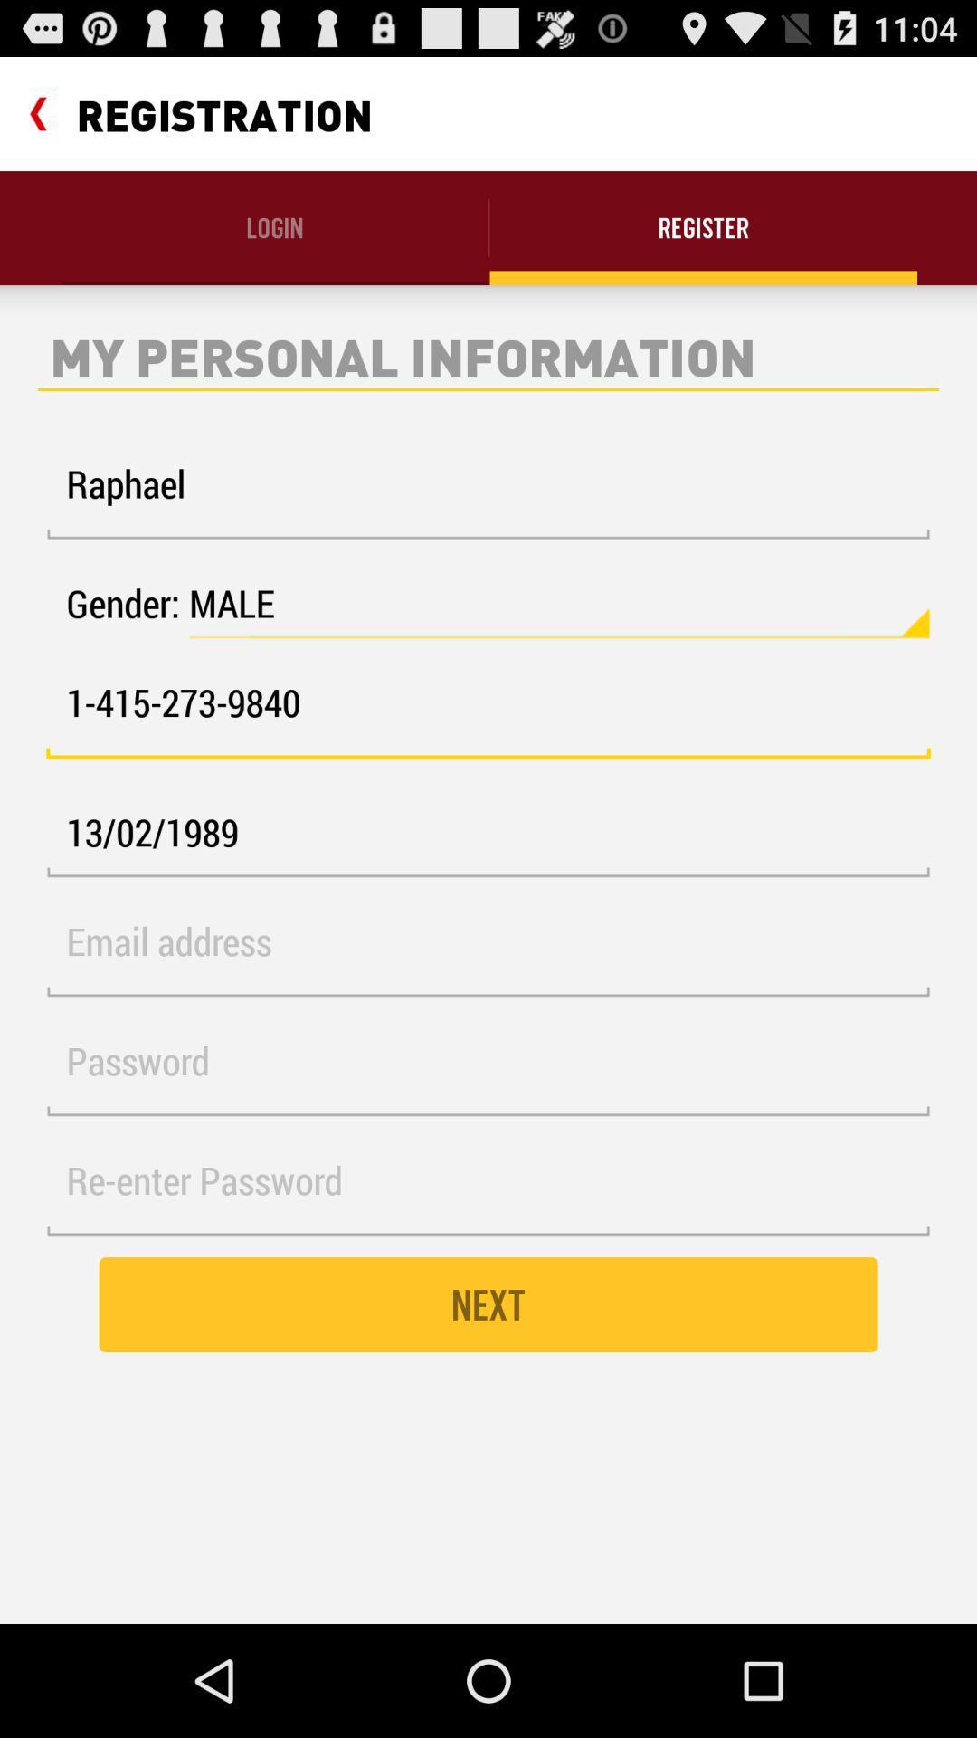 Image resolution: width=977 pixels, height=1738 pixels. Describe the element at coordinates (488, 712) in the screenshot. I see `the 1 415 273 icon` at that location.